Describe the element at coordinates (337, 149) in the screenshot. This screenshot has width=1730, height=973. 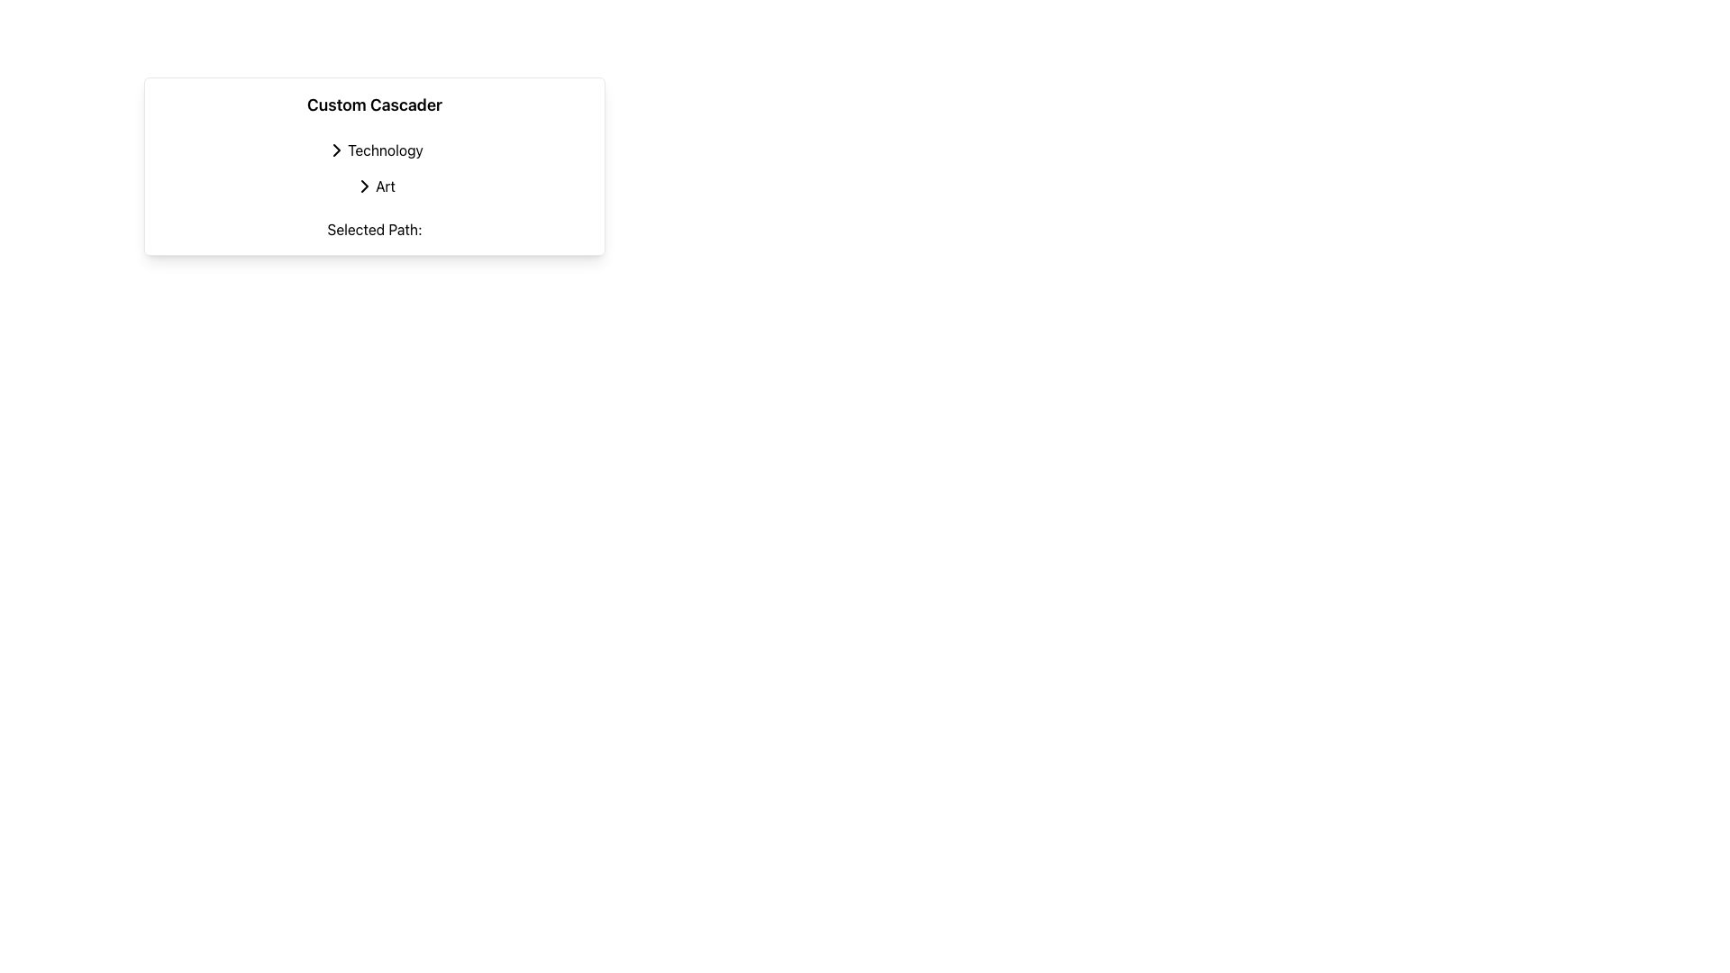
I see `the rightward-facing chevron icon next to the 'Technology' label` at that location.